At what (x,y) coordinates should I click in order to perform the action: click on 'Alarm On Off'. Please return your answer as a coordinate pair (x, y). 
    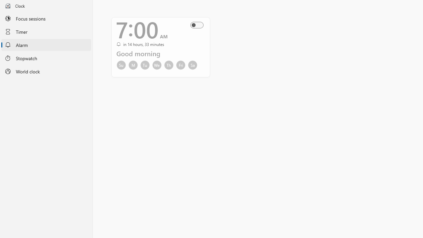
    Looking at the image, I should click on (199, 24).